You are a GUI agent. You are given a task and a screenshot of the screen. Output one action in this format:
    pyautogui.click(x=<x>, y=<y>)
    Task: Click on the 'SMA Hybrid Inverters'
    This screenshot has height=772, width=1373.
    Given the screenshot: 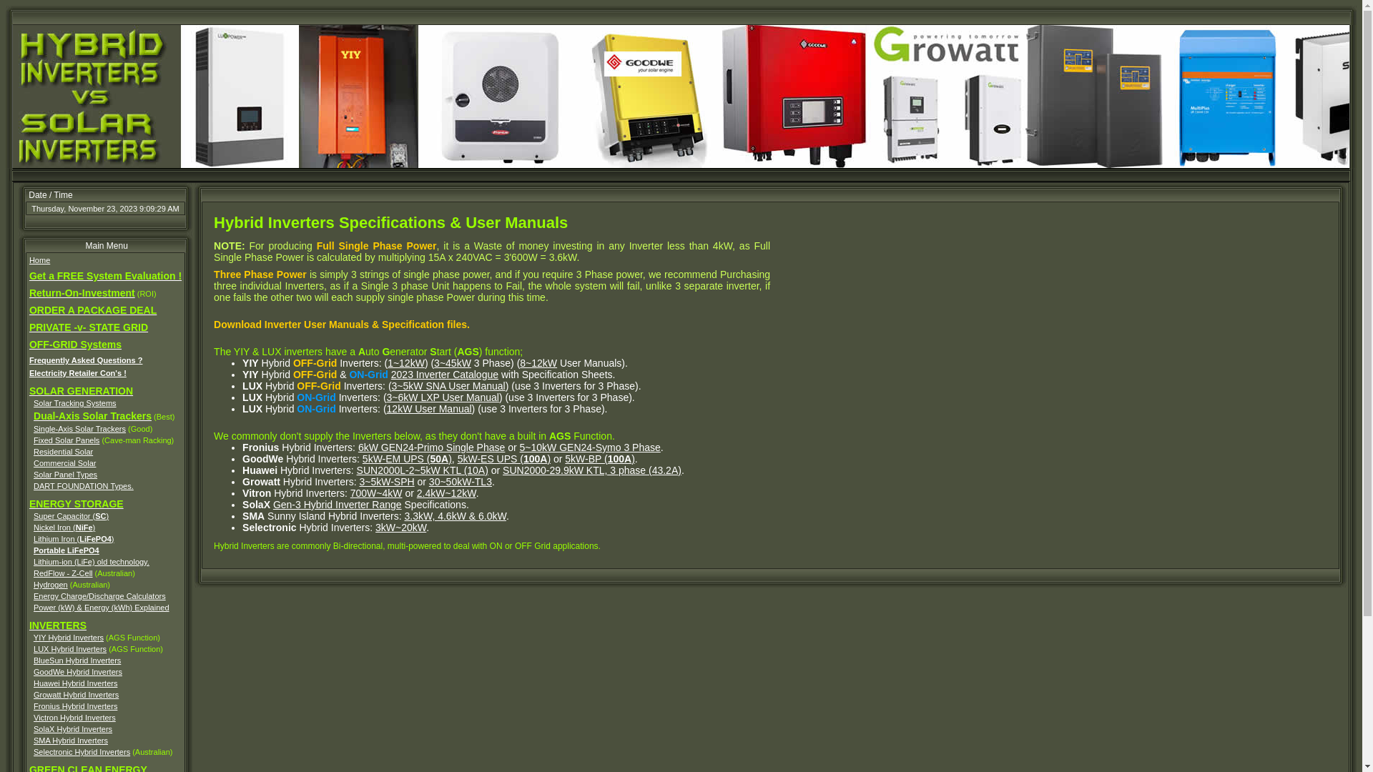 What is the action you would take?
    pyautogui.click(x=70, y=740)
    